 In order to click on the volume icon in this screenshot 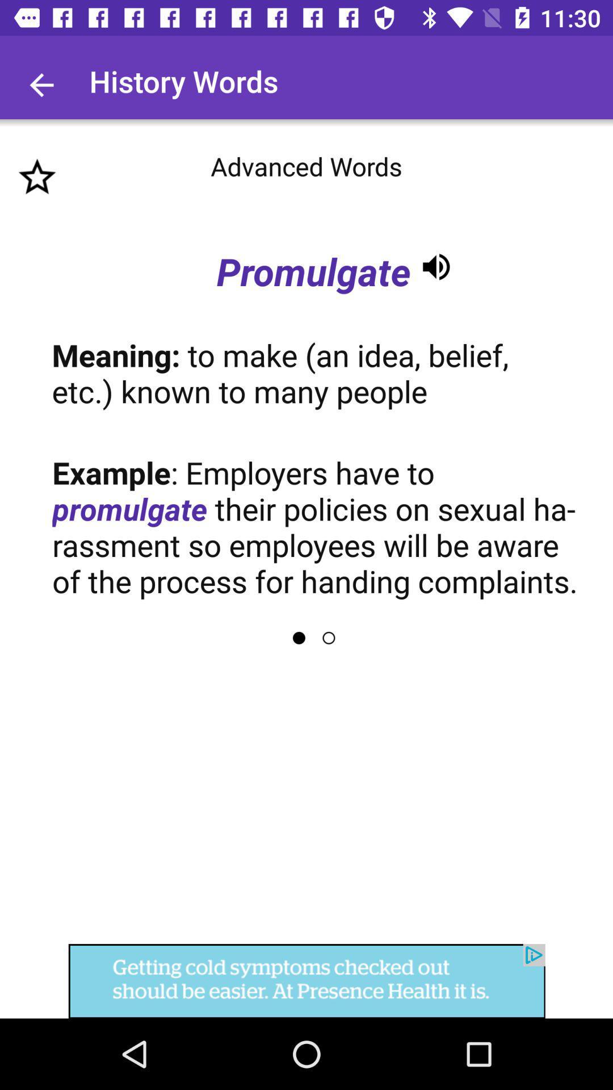, I will do `click(435, 266)`.